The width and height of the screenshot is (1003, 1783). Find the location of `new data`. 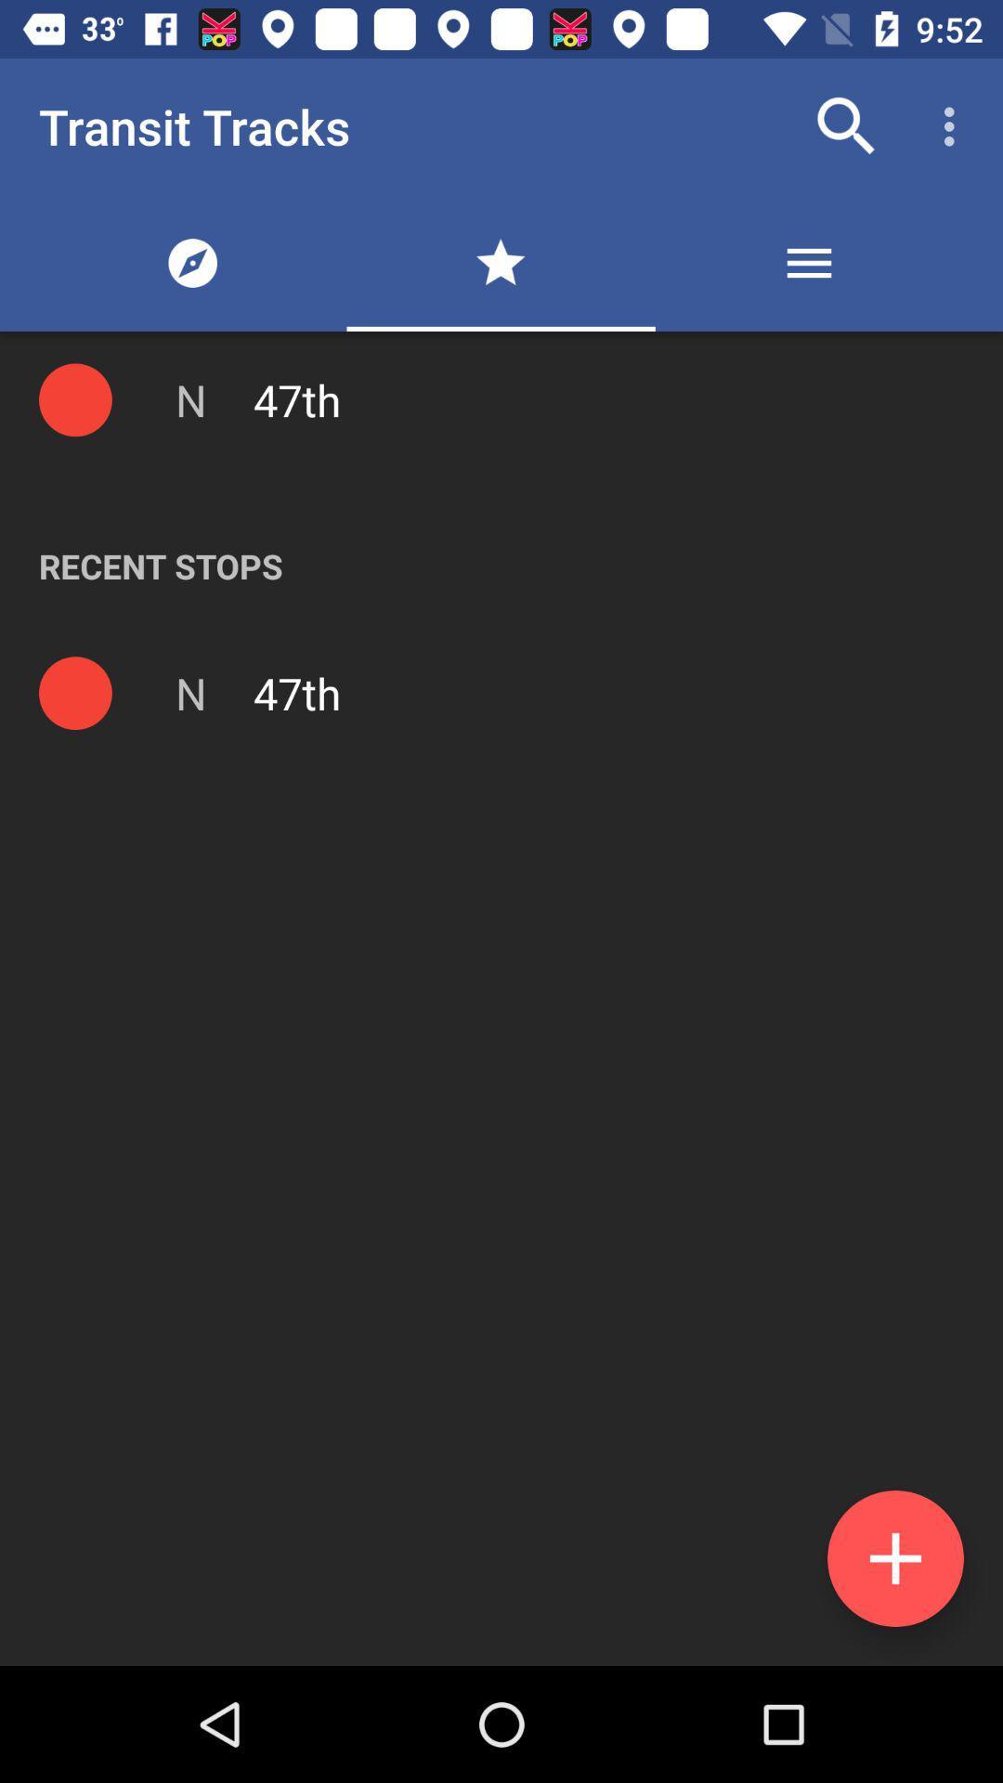

new data is located at coordinates (894, 1558).